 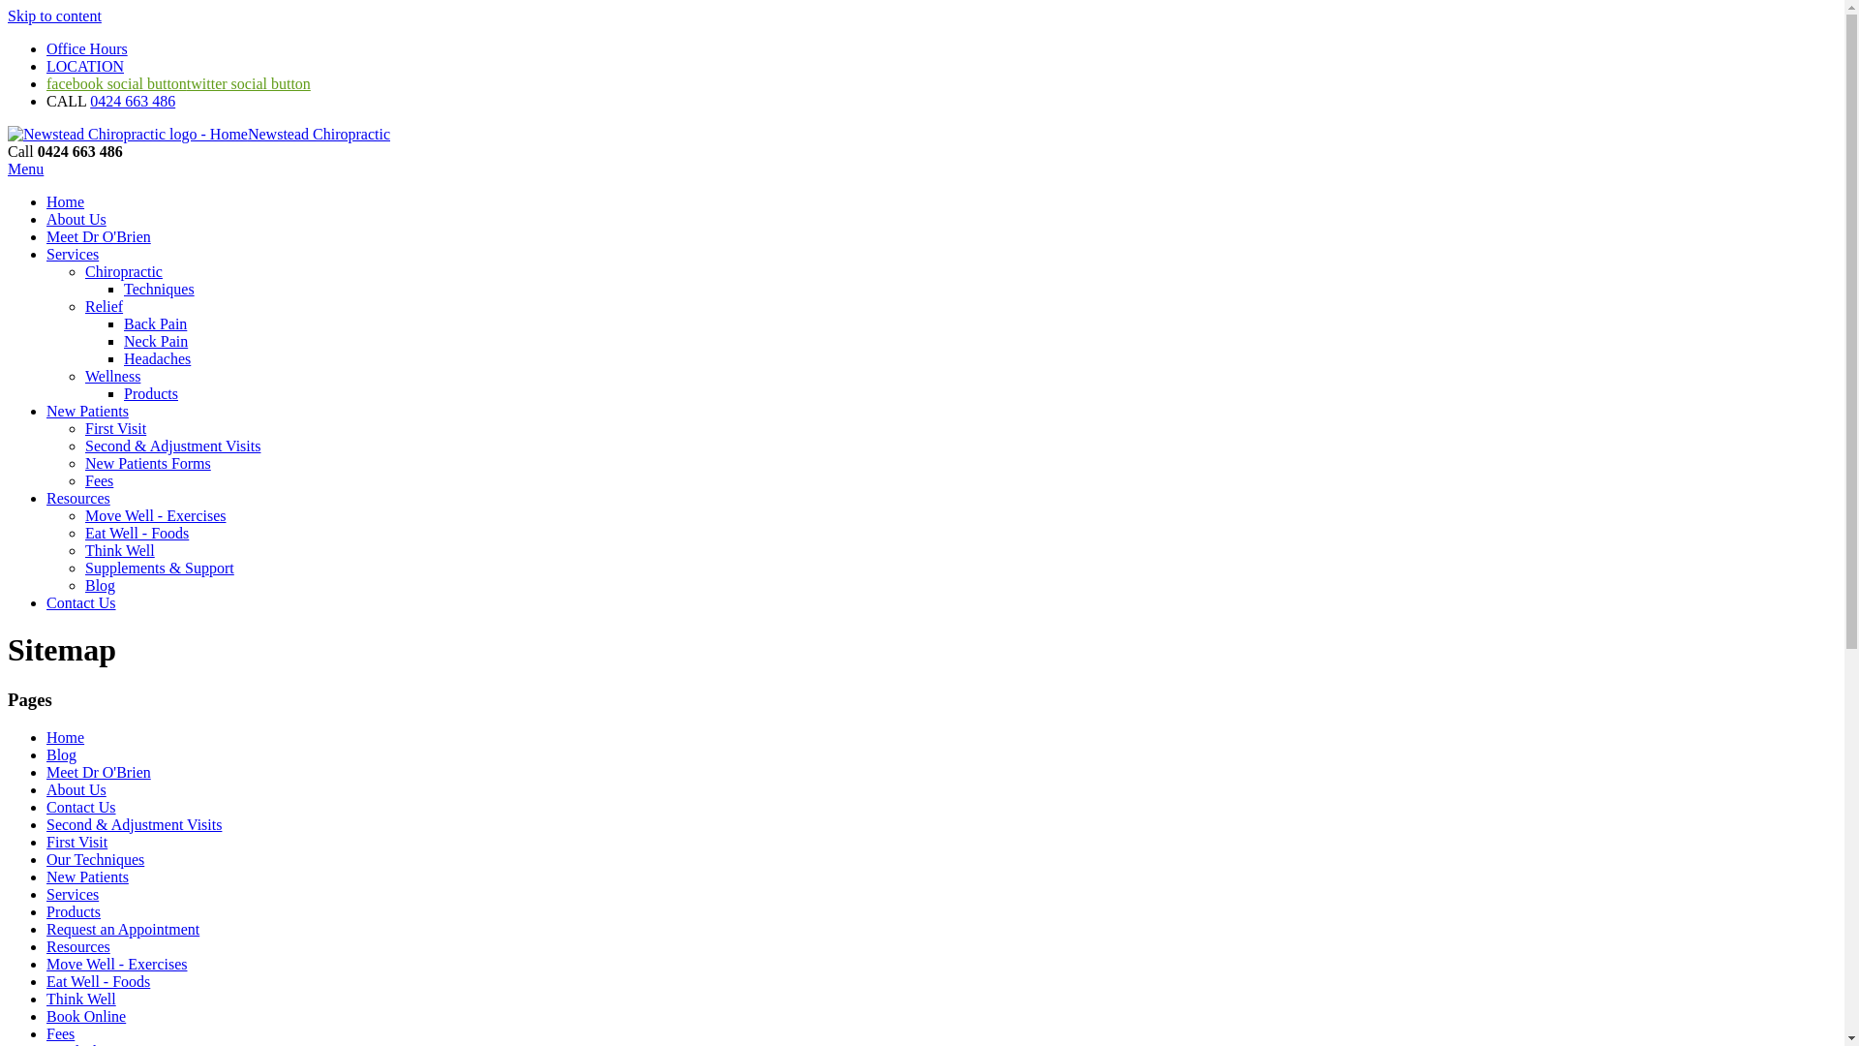 What do you see at coordinates (98, 479) in the screenshot?
I see `'Fees'` at bounding box center [98, 479].